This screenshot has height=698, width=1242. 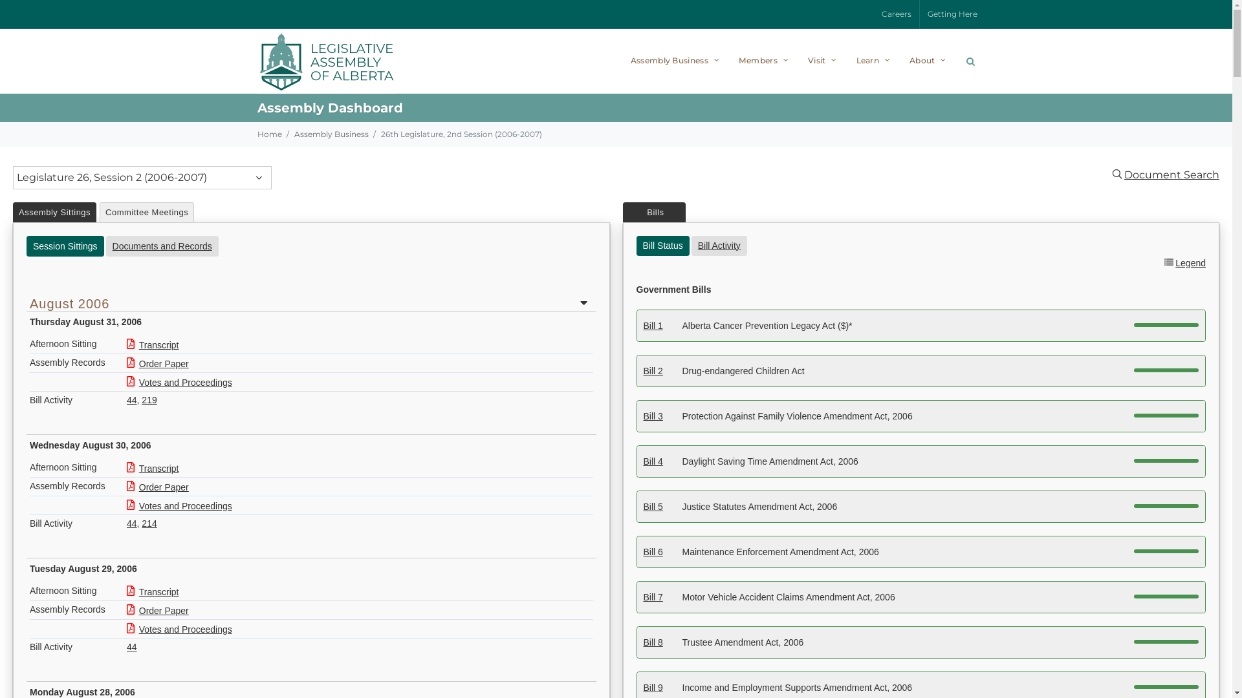 I want to click on 'Assembly Business', so click(x=675, y=60).